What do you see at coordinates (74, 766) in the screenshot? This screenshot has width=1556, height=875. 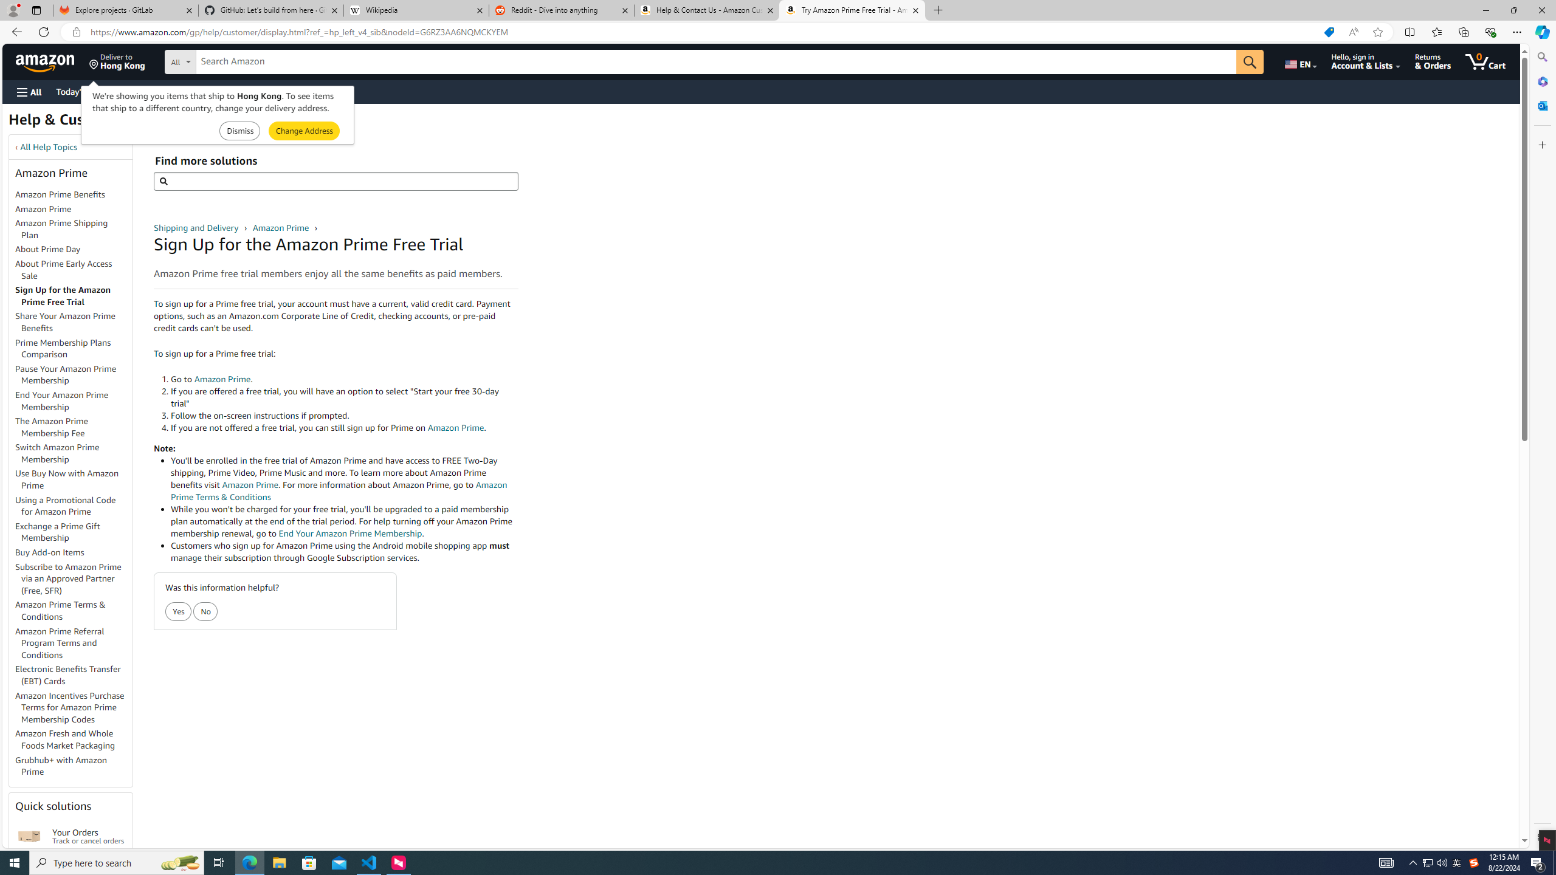 I see `'Grubhub+ with Amazon Prime'` at bounding box center [74, 766].